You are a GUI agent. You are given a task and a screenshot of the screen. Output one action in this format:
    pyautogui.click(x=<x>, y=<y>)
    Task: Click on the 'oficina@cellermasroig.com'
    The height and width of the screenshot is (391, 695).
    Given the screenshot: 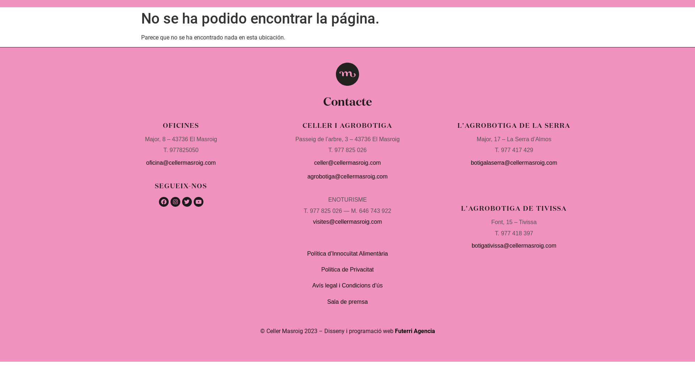 What is the action you would take?
    pyautogui.click(x=181, y=162)
    